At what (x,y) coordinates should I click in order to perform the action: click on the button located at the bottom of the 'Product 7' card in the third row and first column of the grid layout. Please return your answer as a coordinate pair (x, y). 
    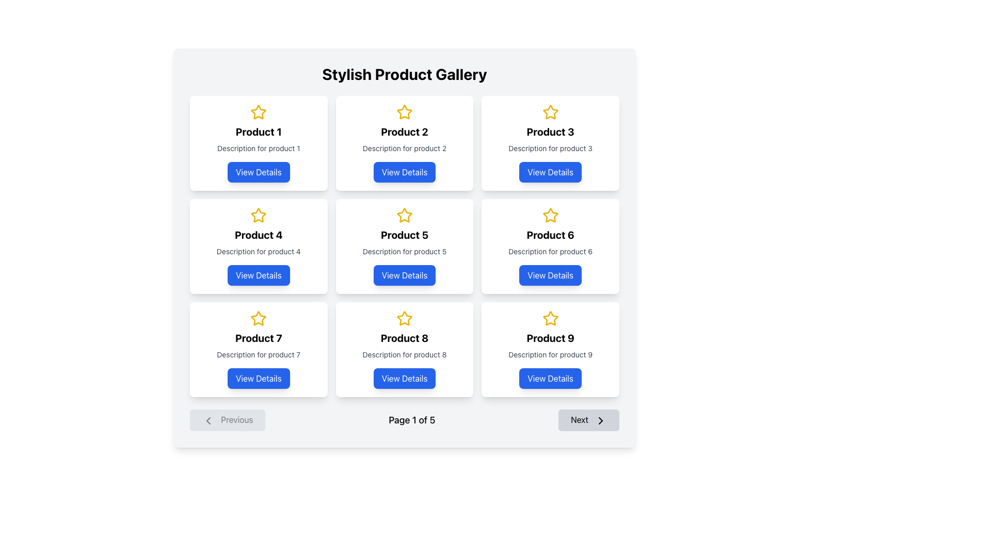
    Looking at the image, I should click on (259, 378).